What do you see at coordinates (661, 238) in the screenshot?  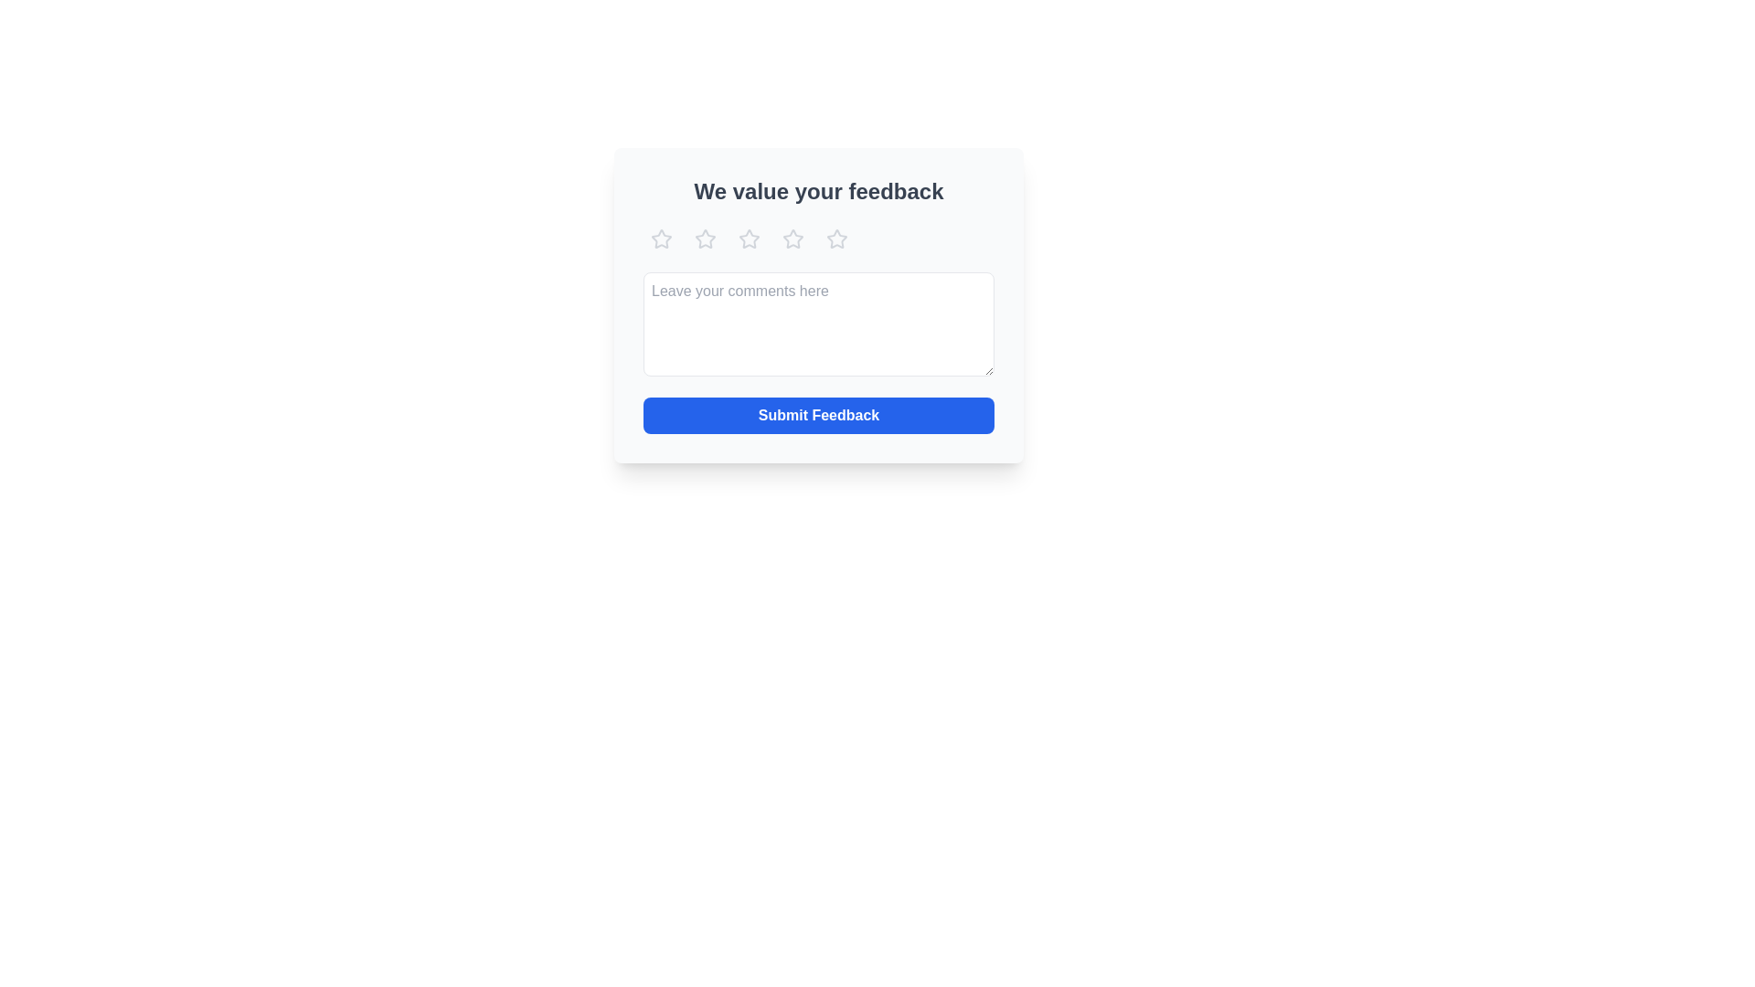 I see `the first rating star icon in the rating input system` at bounding box center [661, 238].